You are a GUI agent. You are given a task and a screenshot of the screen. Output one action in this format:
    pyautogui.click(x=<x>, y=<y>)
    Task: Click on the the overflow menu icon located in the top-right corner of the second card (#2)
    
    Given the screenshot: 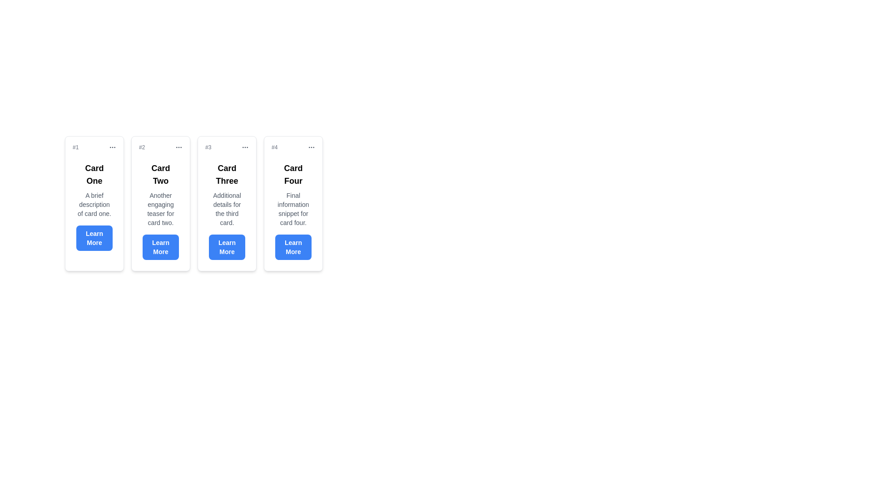 What is the action you would take?
    pyautogui.click(x=178, y=147)
    